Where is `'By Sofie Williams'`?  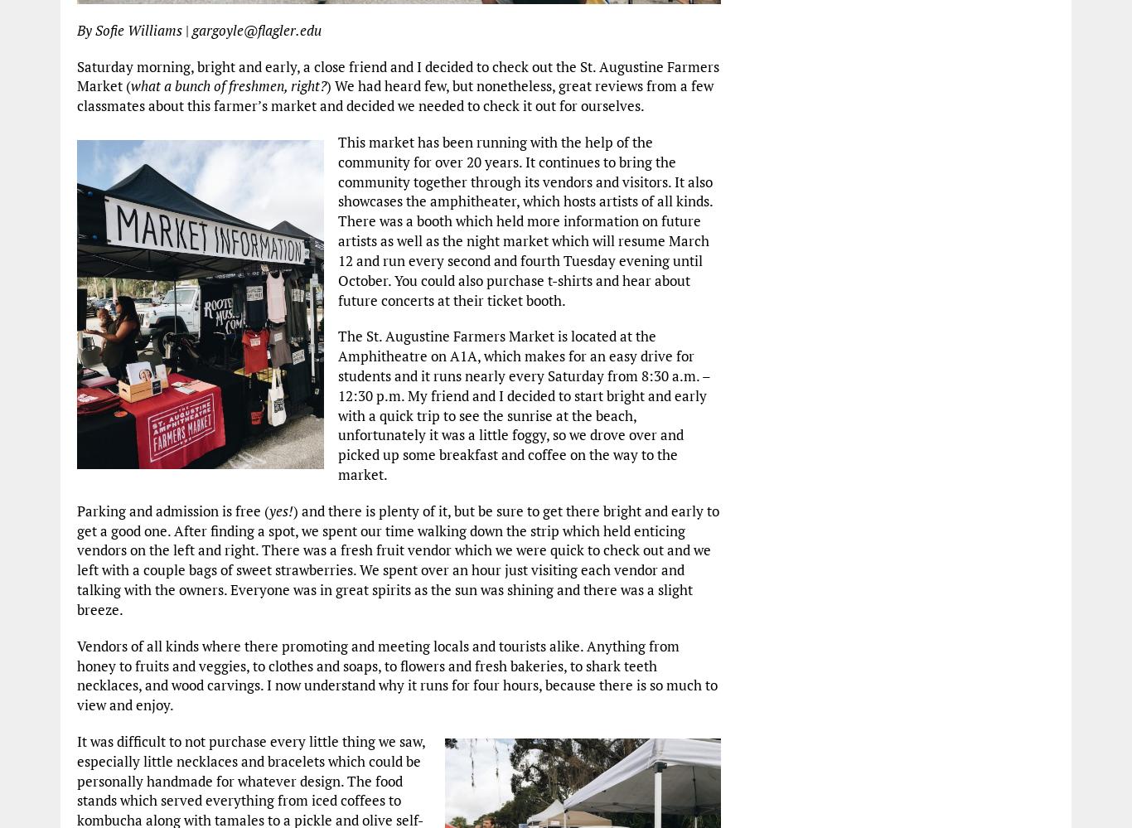 'By Sofie Williams' is located at coordinates (77, 29).